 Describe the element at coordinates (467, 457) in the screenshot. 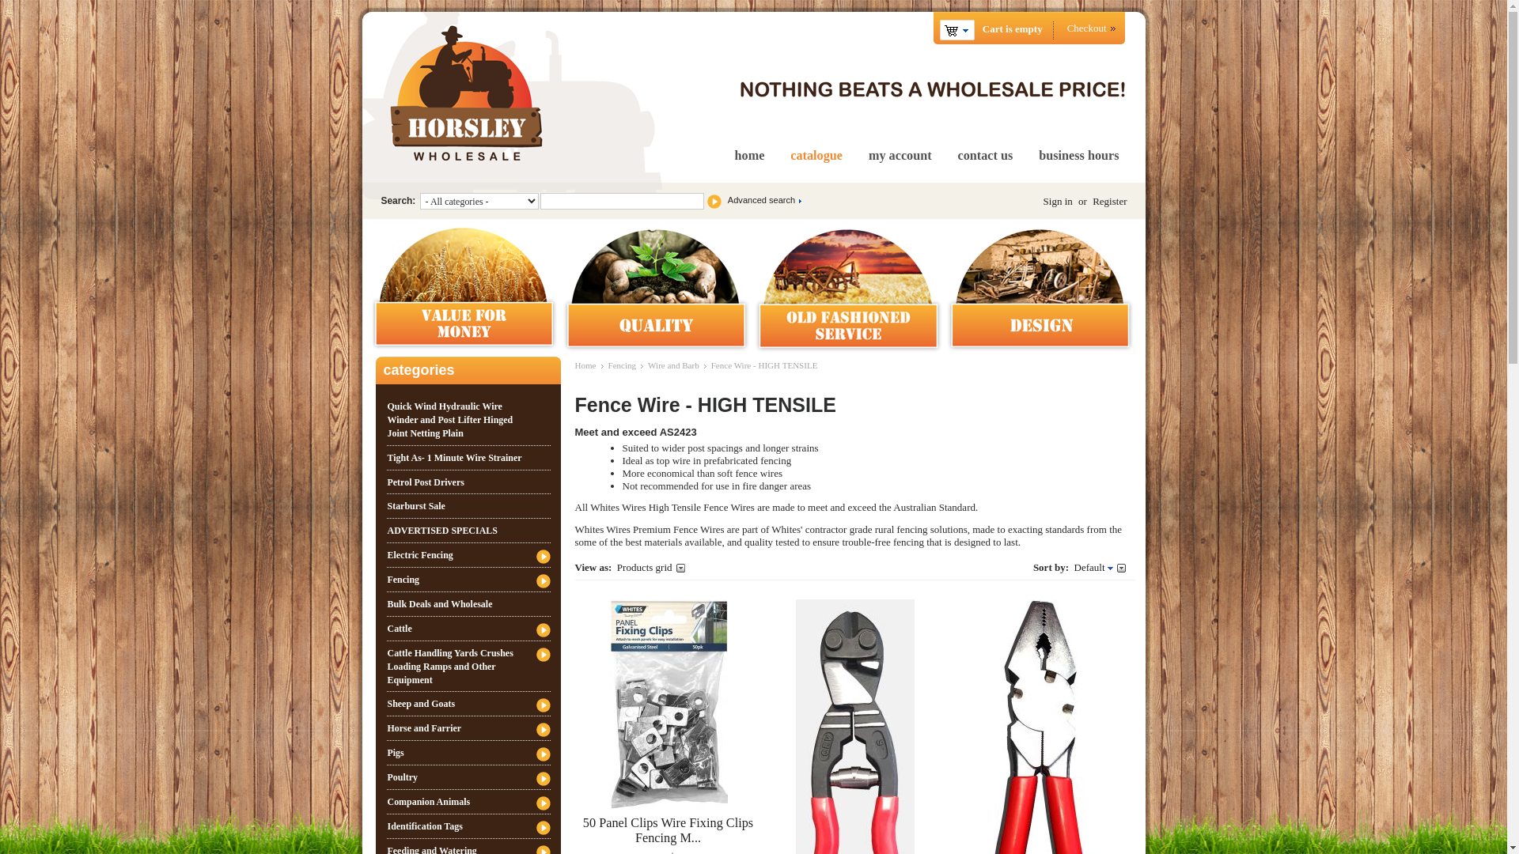

I see `'Tight As- 1 Minute Wire Strainer'` at that location.